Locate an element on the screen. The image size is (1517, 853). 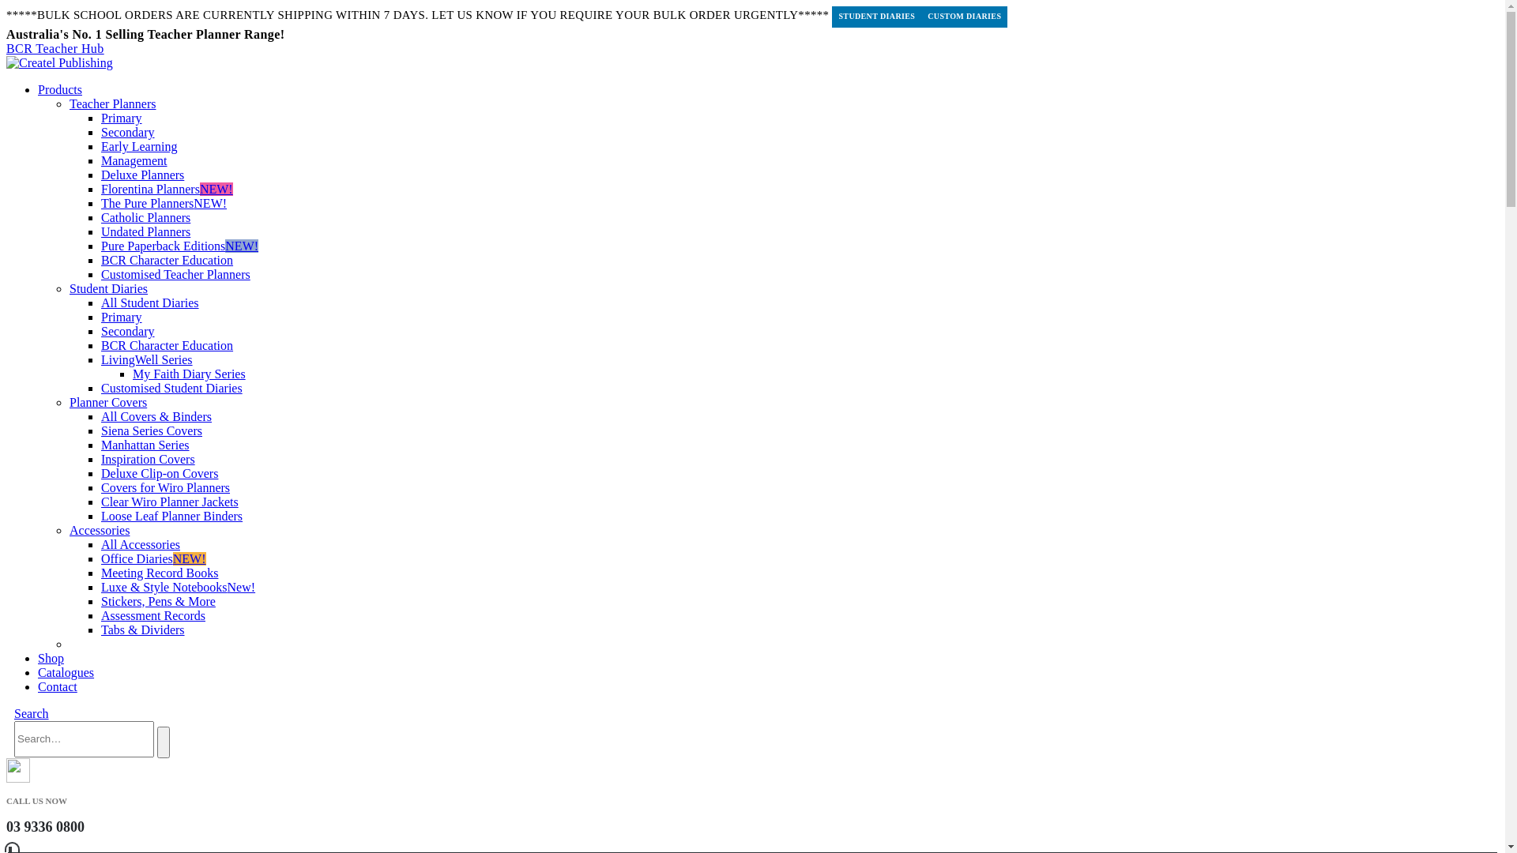
'Deluxe Clip-on Covers' is located at coordinates (100, 472).